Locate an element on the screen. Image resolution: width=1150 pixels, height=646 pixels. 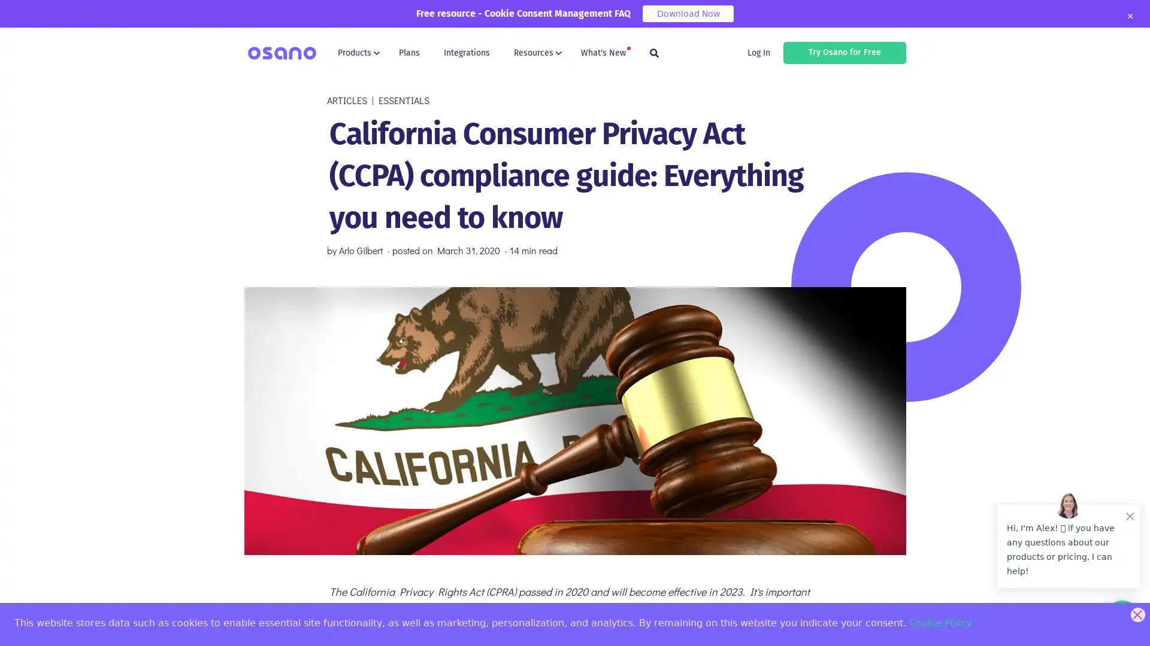
Close is located at coordinates (1129, 16).